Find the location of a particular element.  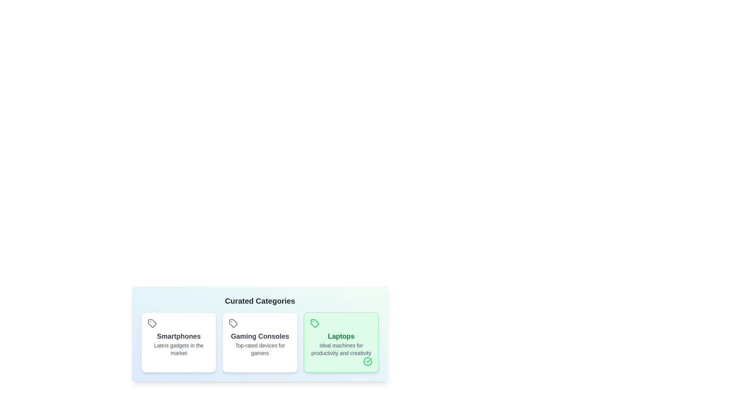

the chip labeled Smartphones is located at coordinates (178, 342).